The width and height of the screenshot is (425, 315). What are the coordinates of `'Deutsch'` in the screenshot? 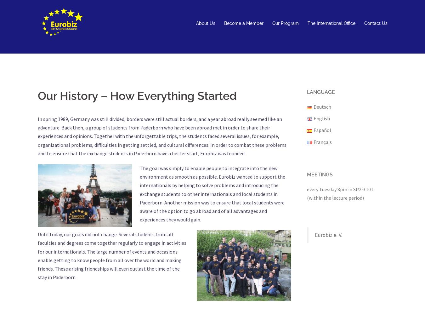 It's located at (322, 106).